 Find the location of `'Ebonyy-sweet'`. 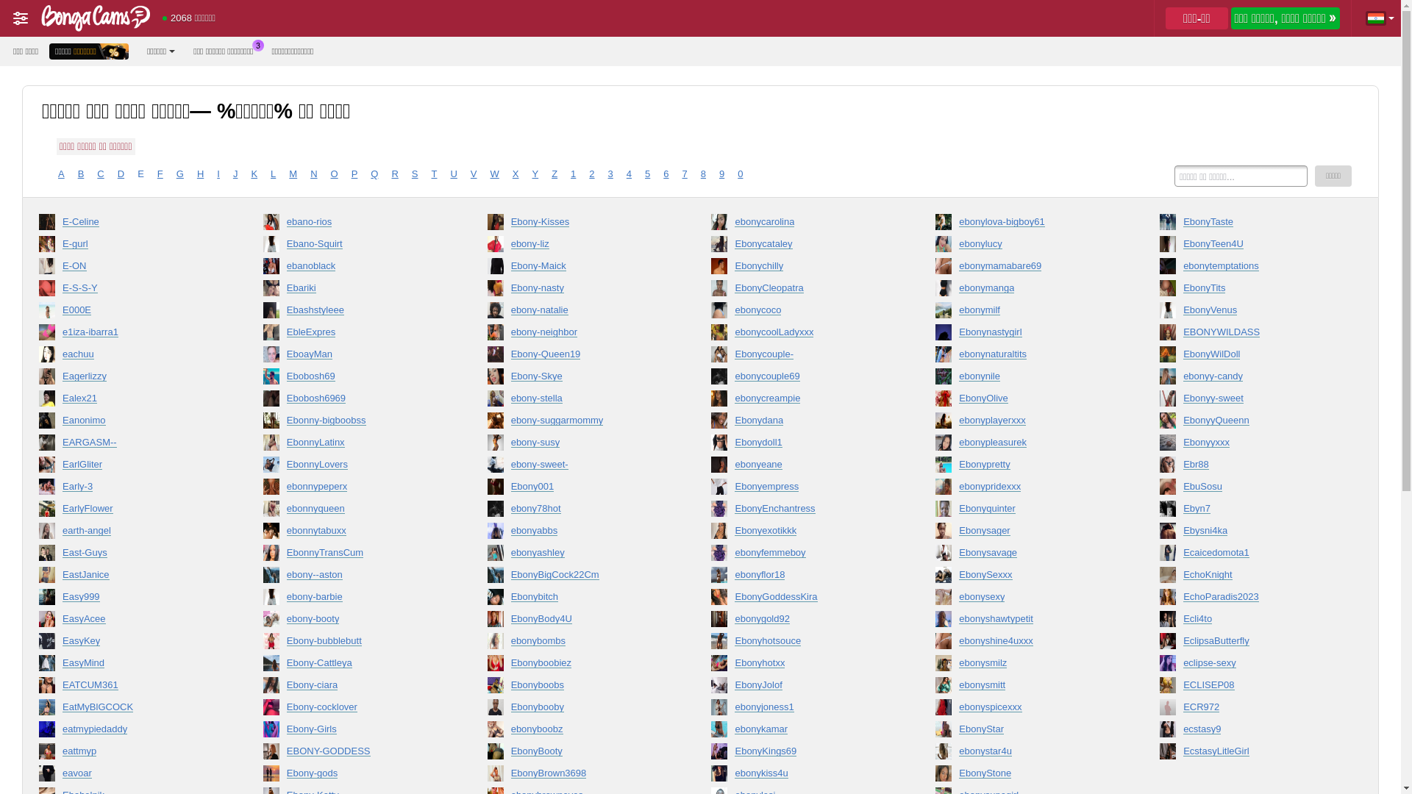

'Ebonyy-sweet' is located at coordinates (1249, 401).